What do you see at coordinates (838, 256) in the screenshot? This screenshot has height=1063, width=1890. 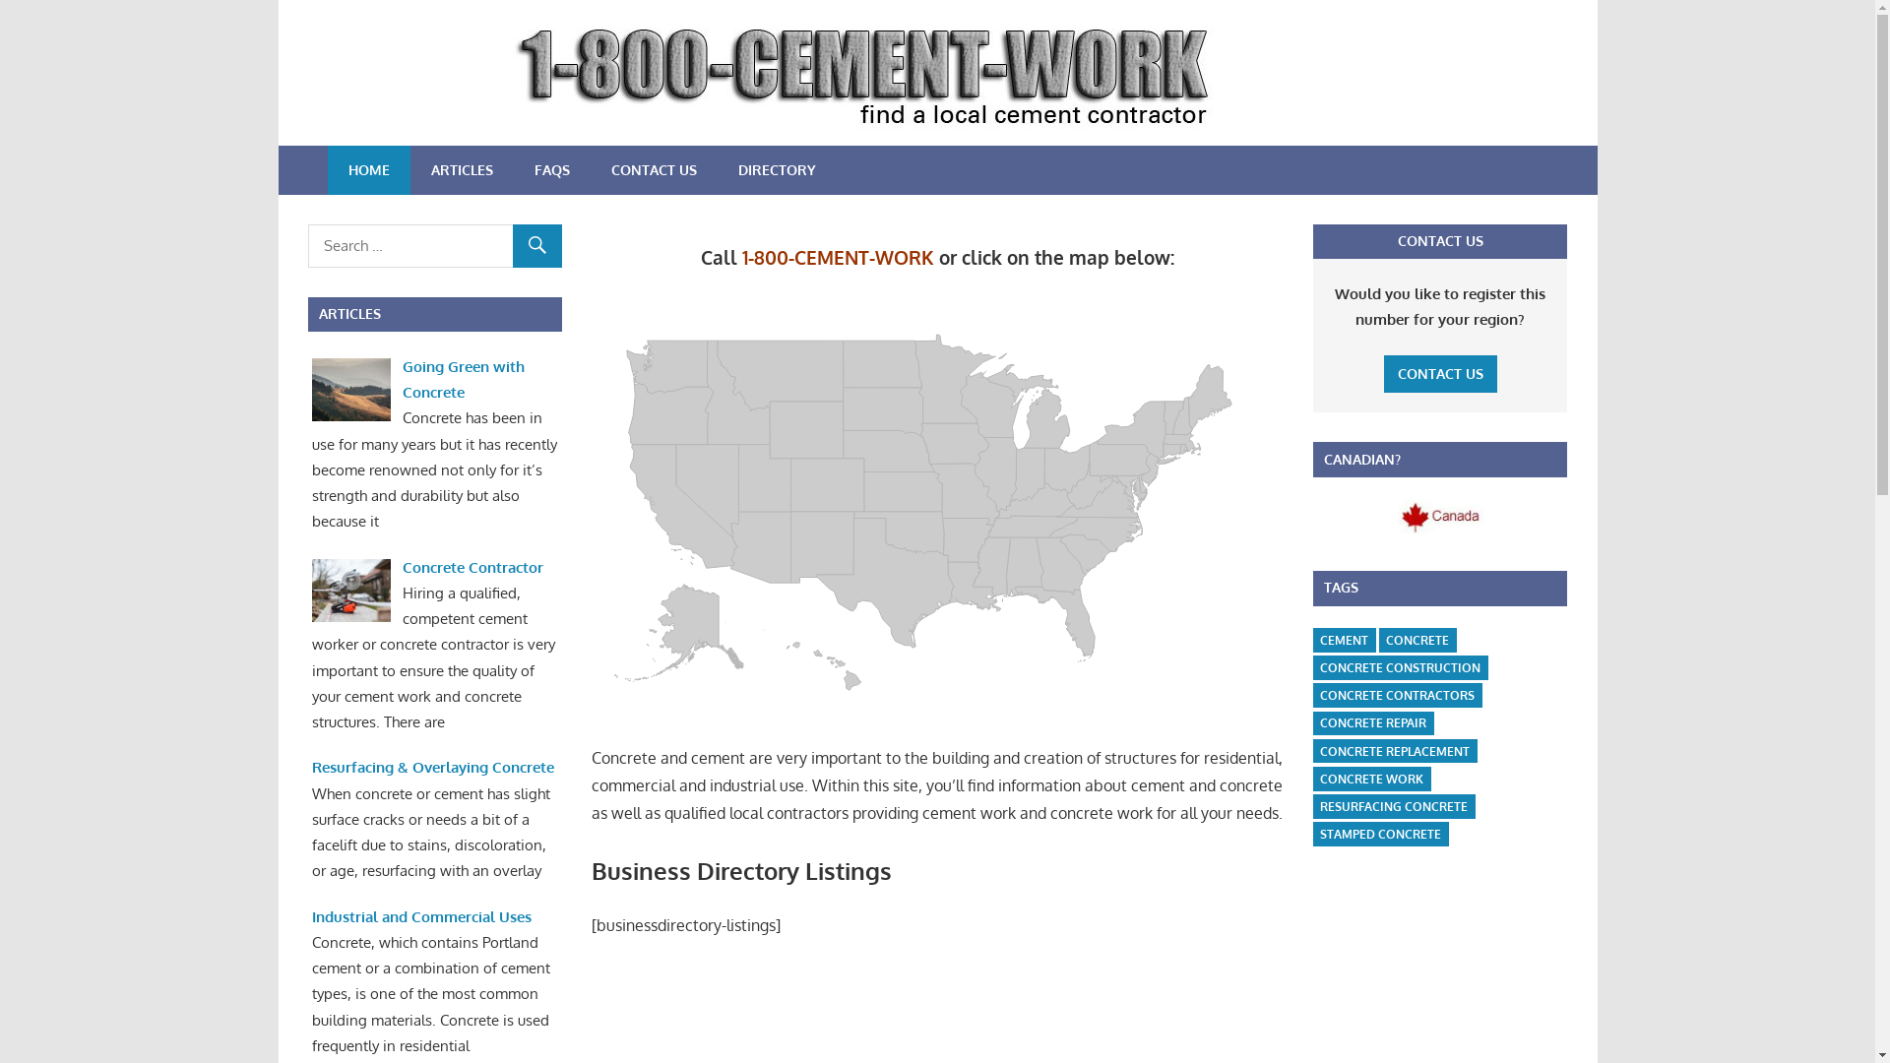 I see `'1-800-CEMENT-WORK'` at bounding box center [838, 256].